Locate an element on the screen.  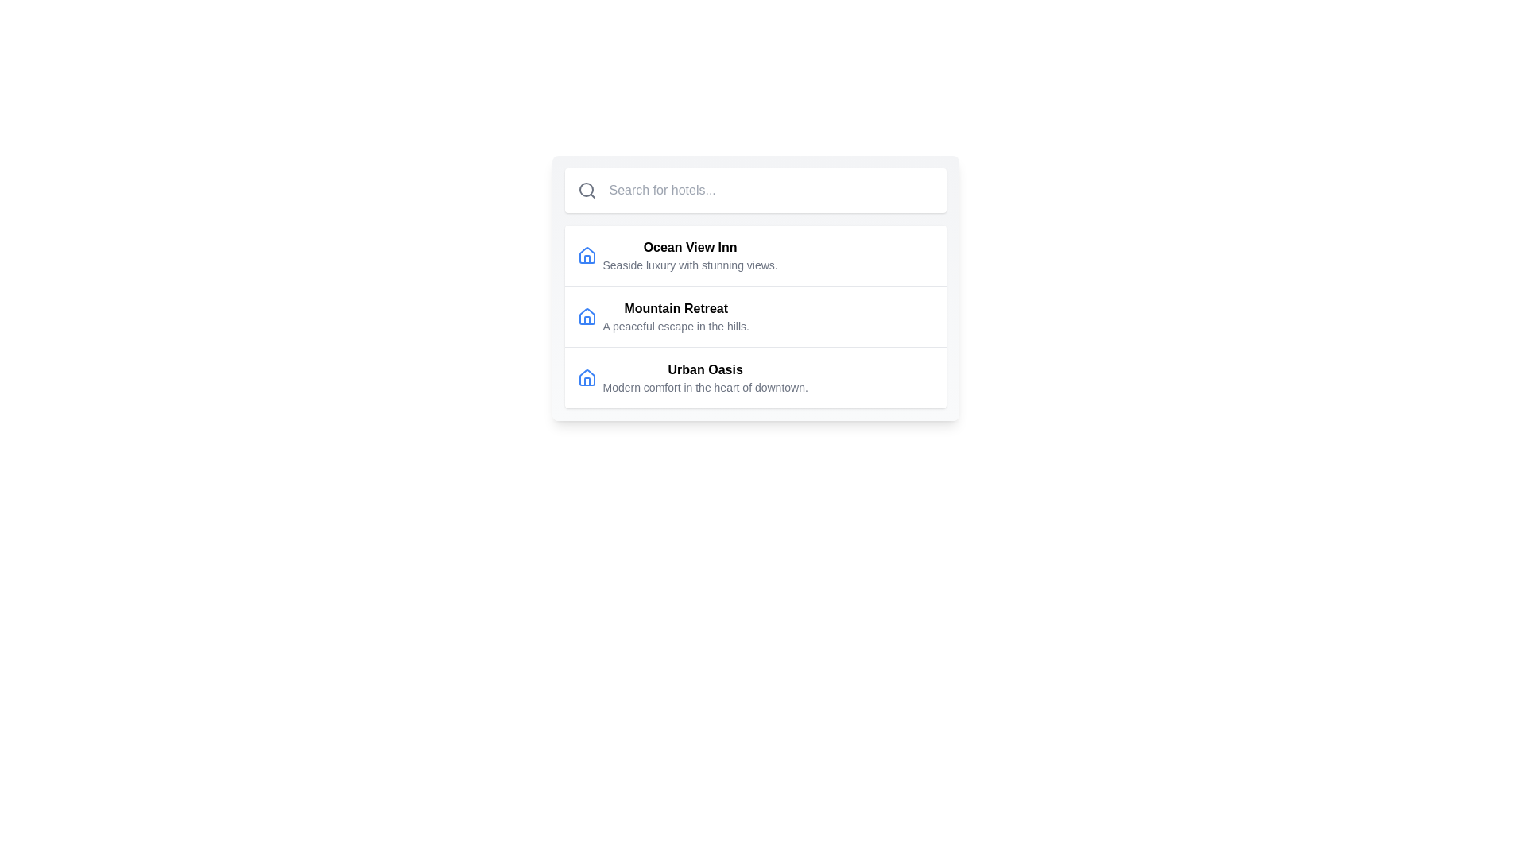
the List item element titled 'Urban Oasis', which features a blue house icon and a description below it is located at coordinates (754, 377).